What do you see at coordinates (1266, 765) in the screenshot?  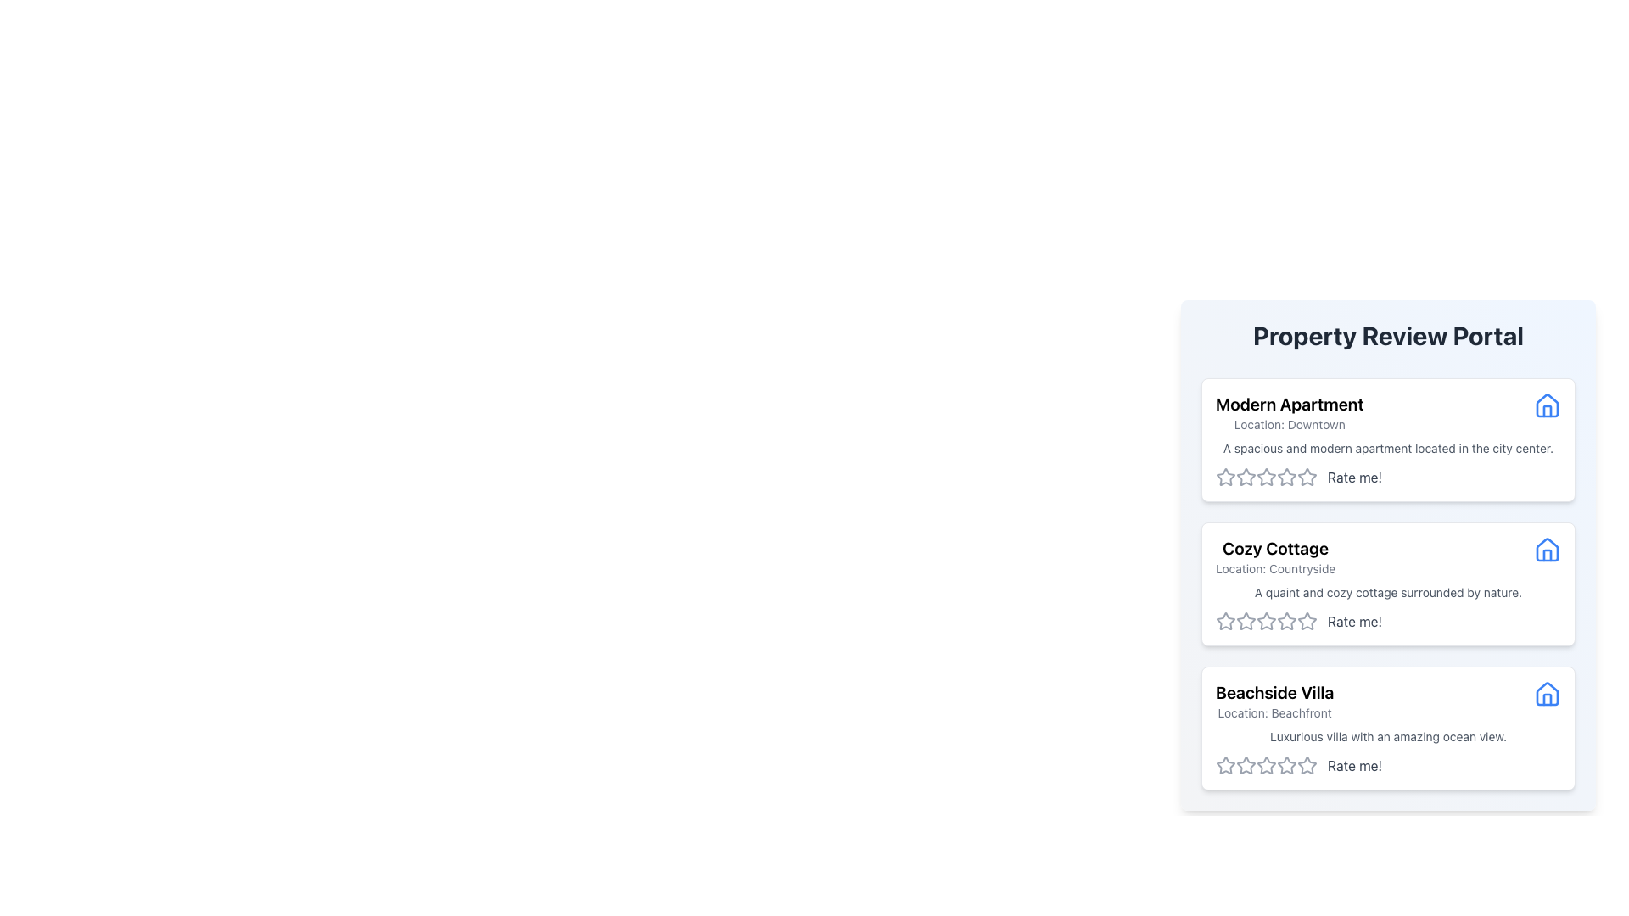 I see `the first star icon in the rating system beneath the 'Beachside Villa' property card in the 'Property Review Portal' section to set the rating to one star` at bounding box center [1266, 765].